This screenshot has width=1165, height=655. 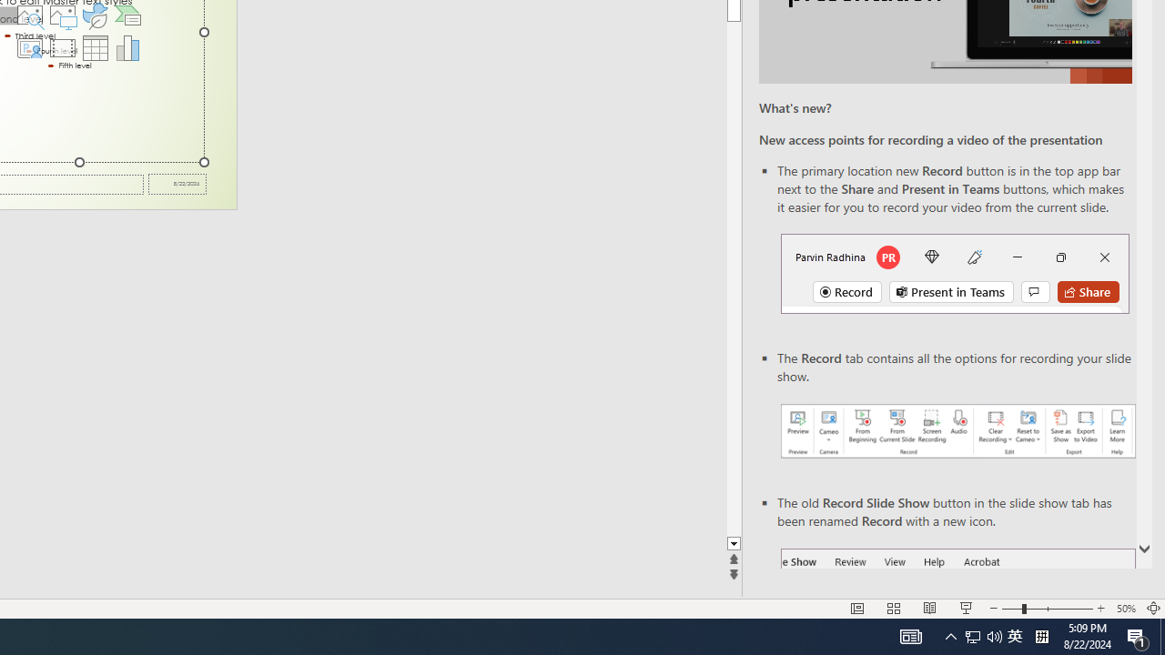 I want to click on 'Slide Sorter', so click(x=894, y=609).